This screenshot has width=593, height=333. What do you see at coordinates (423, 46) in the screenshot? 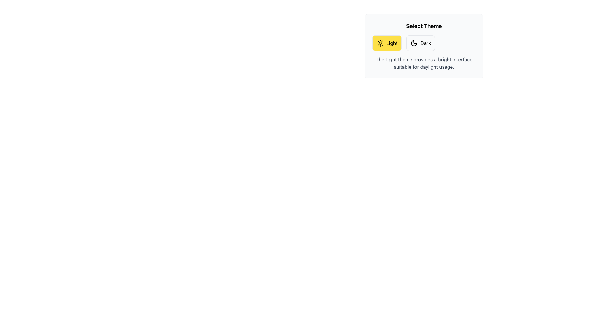
I see `the 'Dark' button with a moon icon` at bounding box center [423, 46].